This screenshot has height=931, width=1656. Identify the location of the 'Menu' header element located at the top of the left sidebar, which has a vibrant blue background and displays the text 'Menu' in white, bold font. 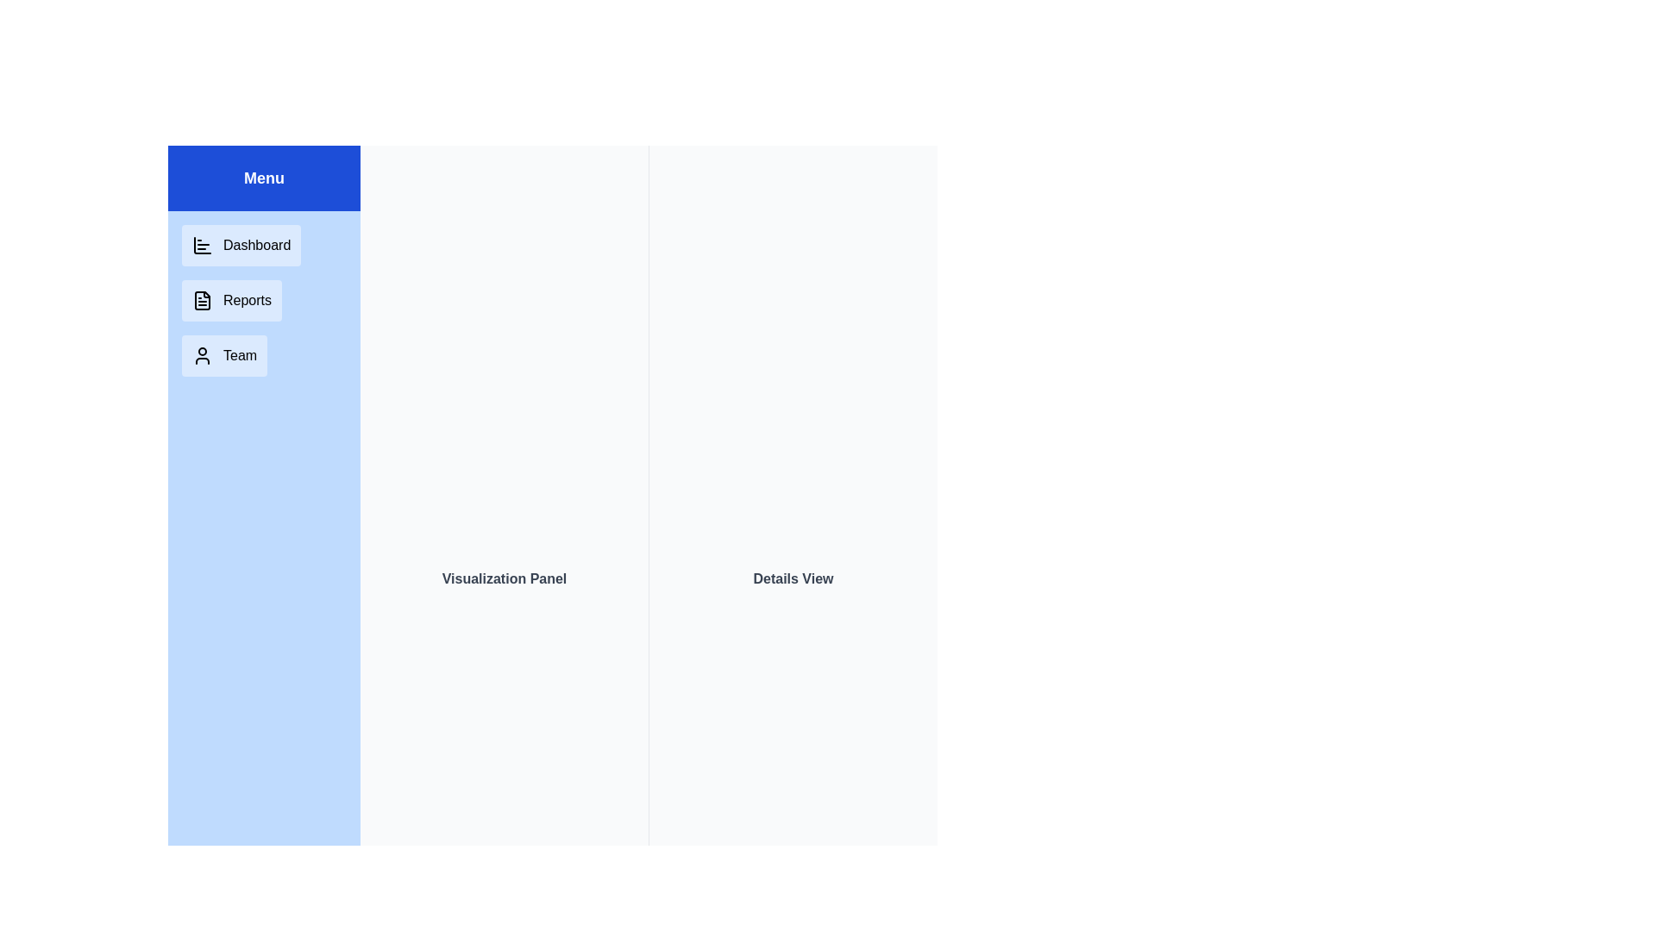
(263, 178).